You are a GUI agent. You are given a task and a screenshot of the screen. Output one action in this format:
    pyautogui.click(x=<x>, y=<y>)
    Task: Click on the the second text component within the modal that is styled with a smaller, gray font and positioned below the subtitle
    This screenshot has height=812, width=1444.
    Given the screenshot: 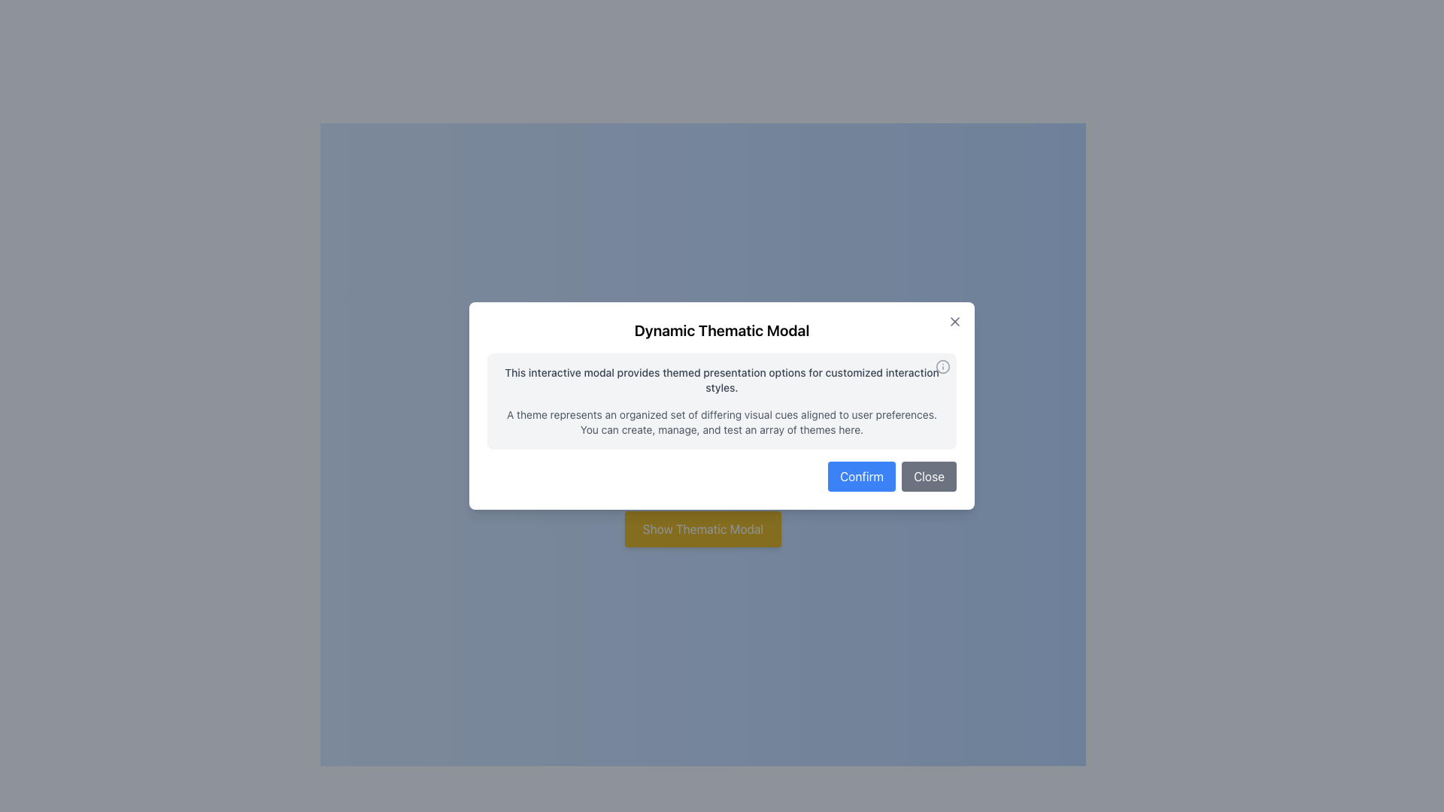 What is the action you would take?
    pyautogui.click(x=722, y=423)
    